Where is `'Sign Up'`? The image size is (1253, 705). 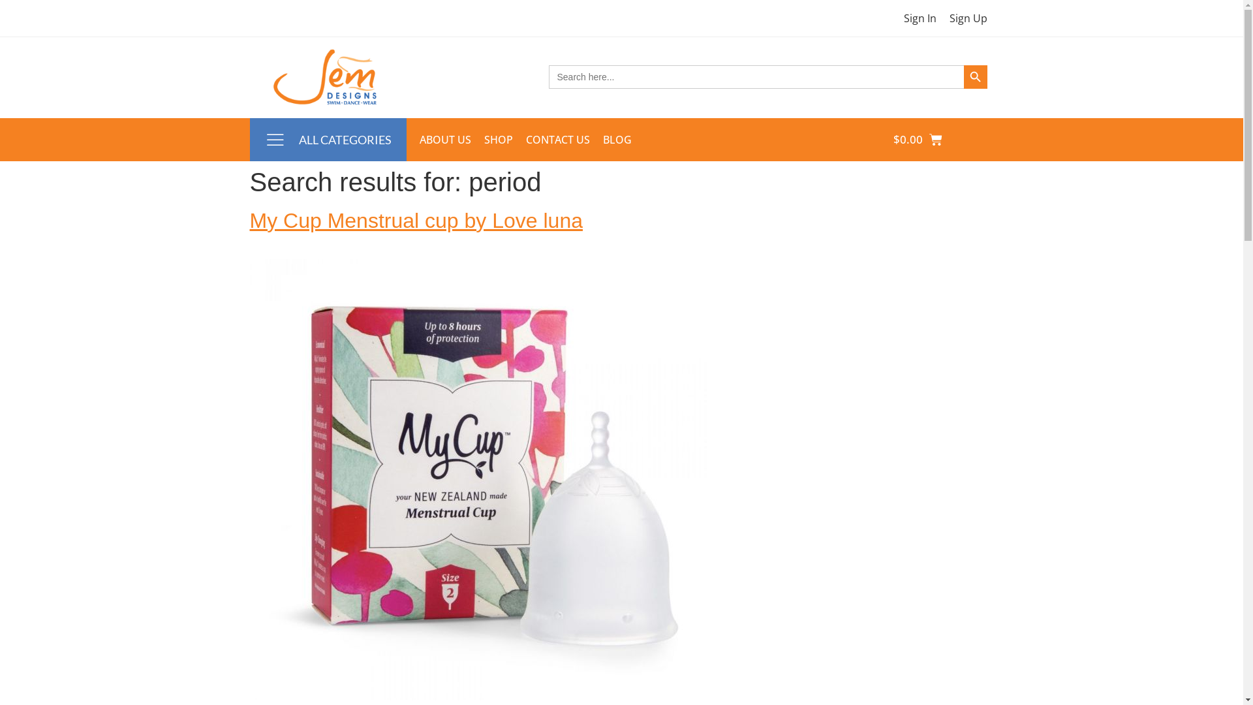 'Sign Up' is located at coordinates (968, 18).